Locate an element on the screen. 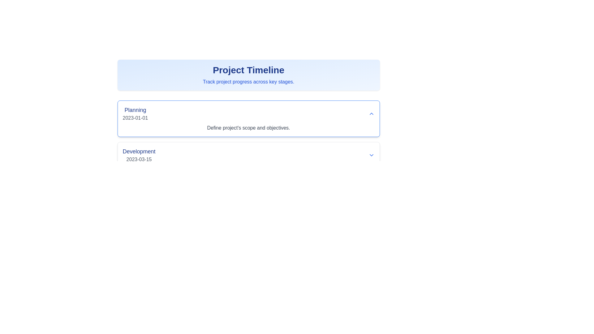  the Text Display element containing the title 'Planning' and the date '2023-01-01', which is located in the upper left part of the section under 'Project Timeline' is located at coordinates (135, 113).